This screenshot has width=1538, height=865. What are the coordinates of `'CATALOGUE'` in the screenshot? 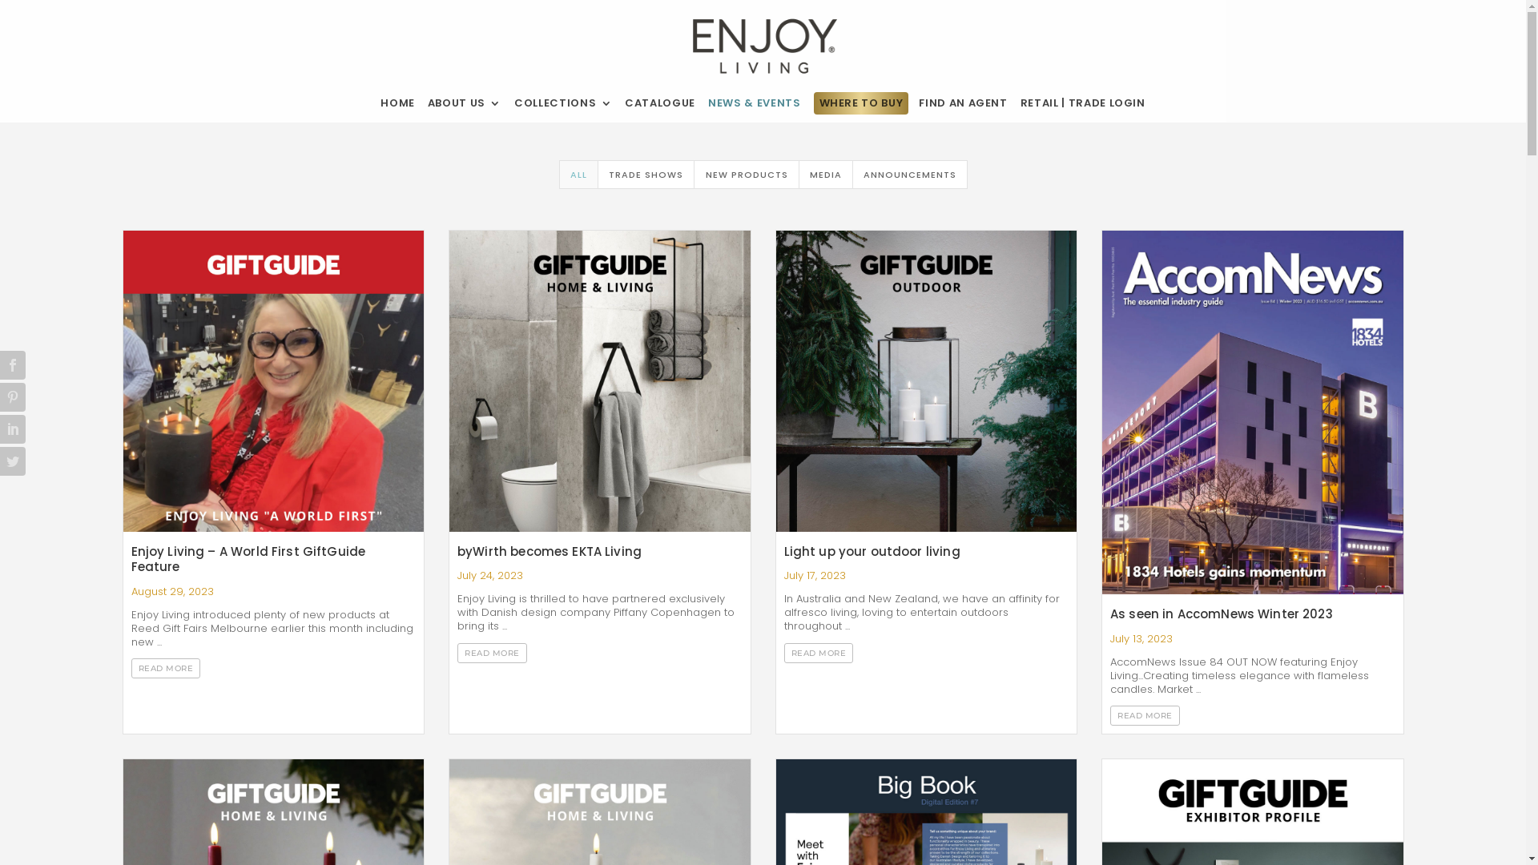 It's located at (660, 103).